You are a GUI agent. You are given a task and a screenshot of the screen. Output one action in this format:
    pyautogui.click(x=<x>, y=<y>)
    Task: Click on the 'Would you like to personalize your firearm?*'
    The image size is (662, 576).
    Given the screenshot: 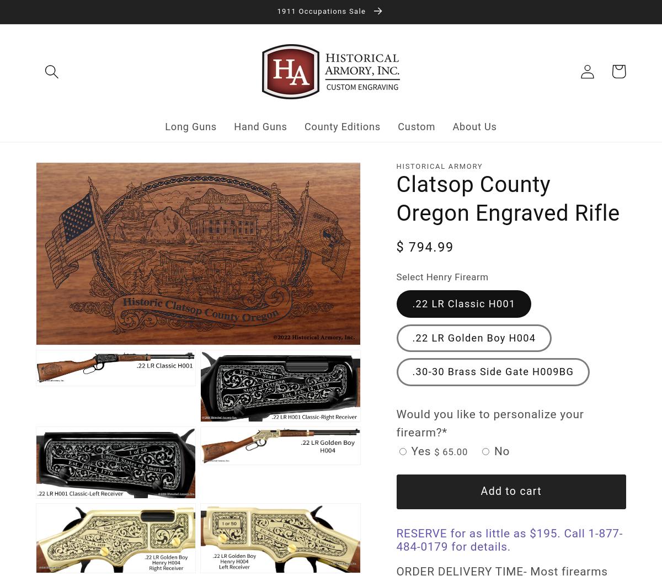 What is the action you would take?
    pyautogui.click(x=489, y=423)
    